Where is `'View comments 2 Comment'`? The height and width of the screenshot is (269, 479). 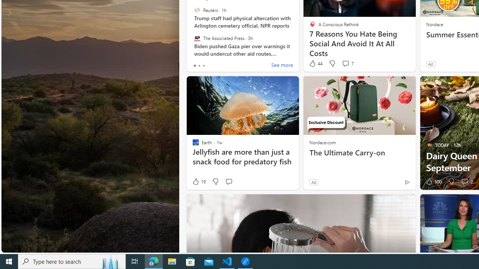
'View comments 2 Comment' is located at coordinates (466, 182).